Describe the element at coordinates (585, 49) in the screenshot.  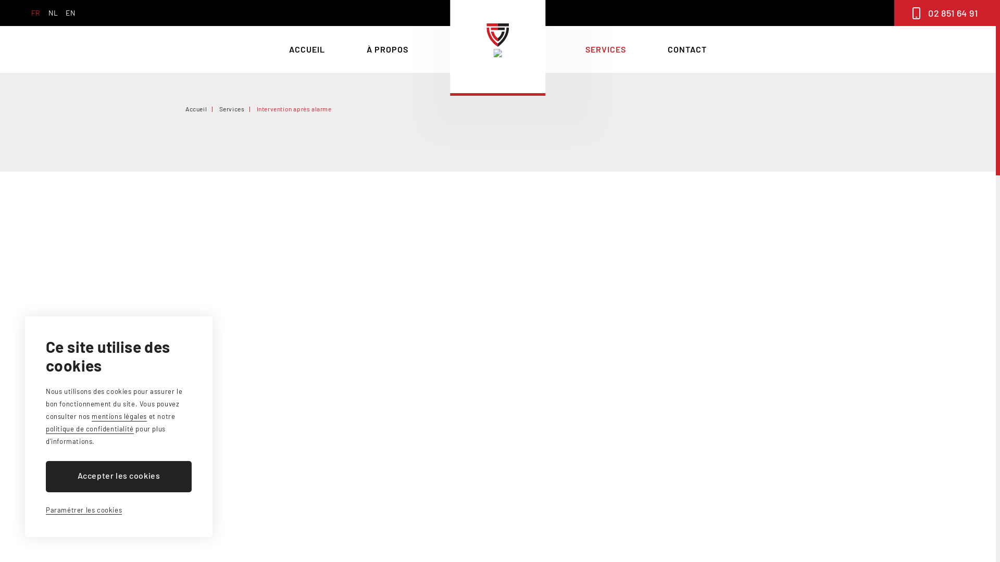
I see `'SERVICES'` at that location.